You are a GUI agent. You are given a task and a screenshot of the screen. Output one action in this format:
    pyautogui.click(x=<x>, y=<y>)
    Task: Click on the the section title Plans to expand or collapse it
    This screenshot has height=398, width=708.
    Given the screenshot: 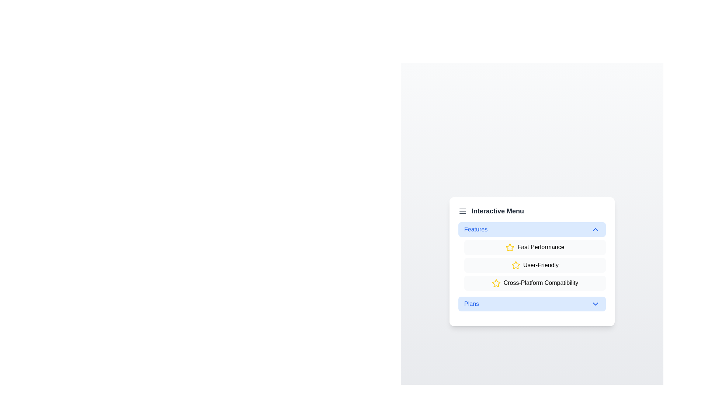 What is the action you would take?
    pyautogui.click(x=532, y=304)
    